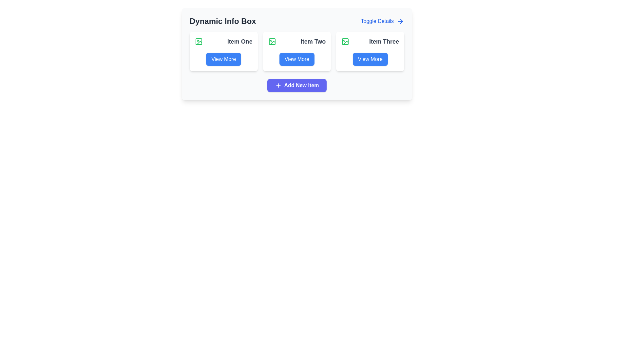  Describe the element at coordinates (296, 59) in the screenshot. I see `the rectangular button labeled 'View More' with a blue background and white text, positioned between the 'Item One' and 'Item Three' buttons in the 'Item Two' card` at that location.